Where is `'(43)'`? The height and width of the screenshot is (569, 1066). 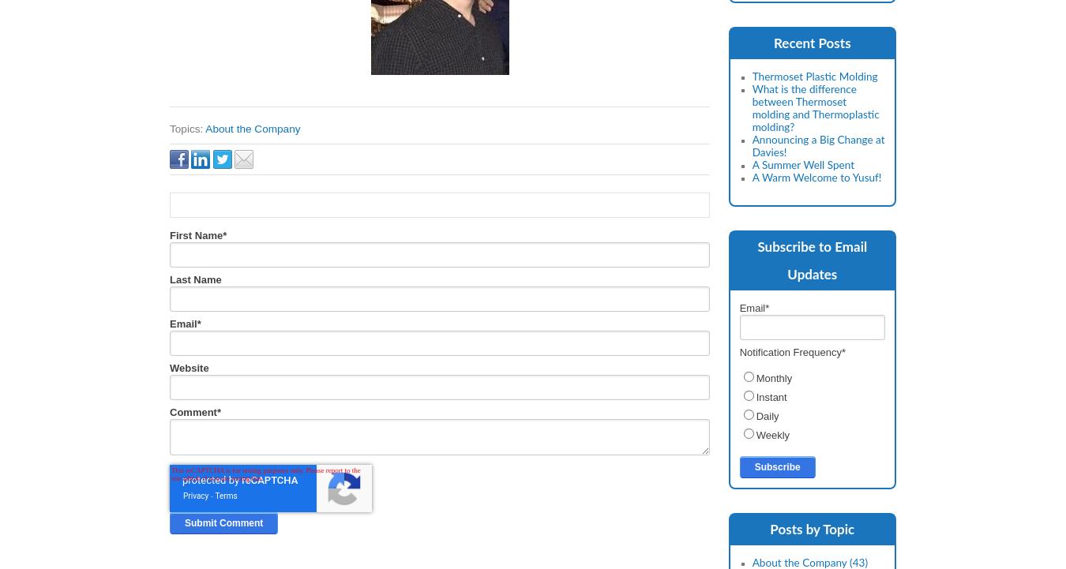 '(43)' is located at coordinates (858, 561).